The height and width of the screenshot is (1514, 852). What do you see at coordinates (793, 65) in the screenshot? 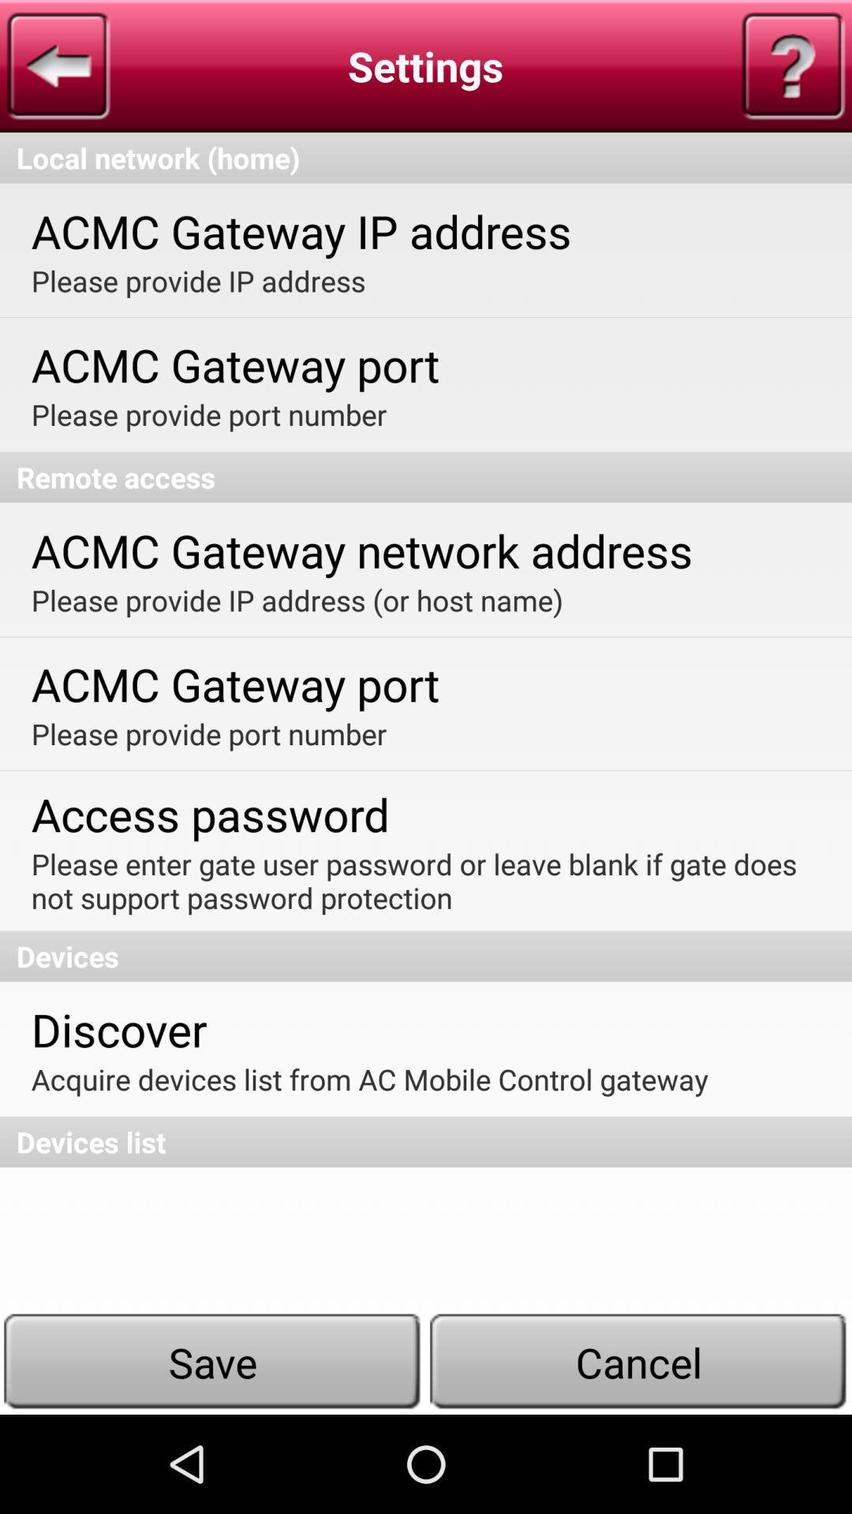
I see `the app to the right of the settings icon` at bounding box center [793, 65].